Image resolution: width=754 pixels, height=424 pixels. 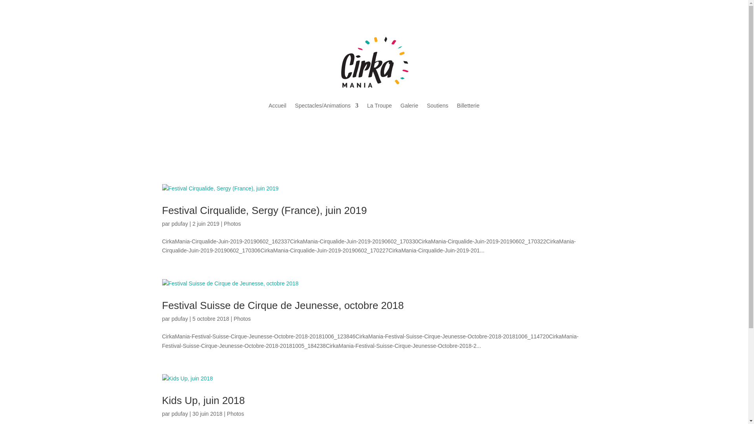 I want to click on 'Photos', so click(x=242, y=319).